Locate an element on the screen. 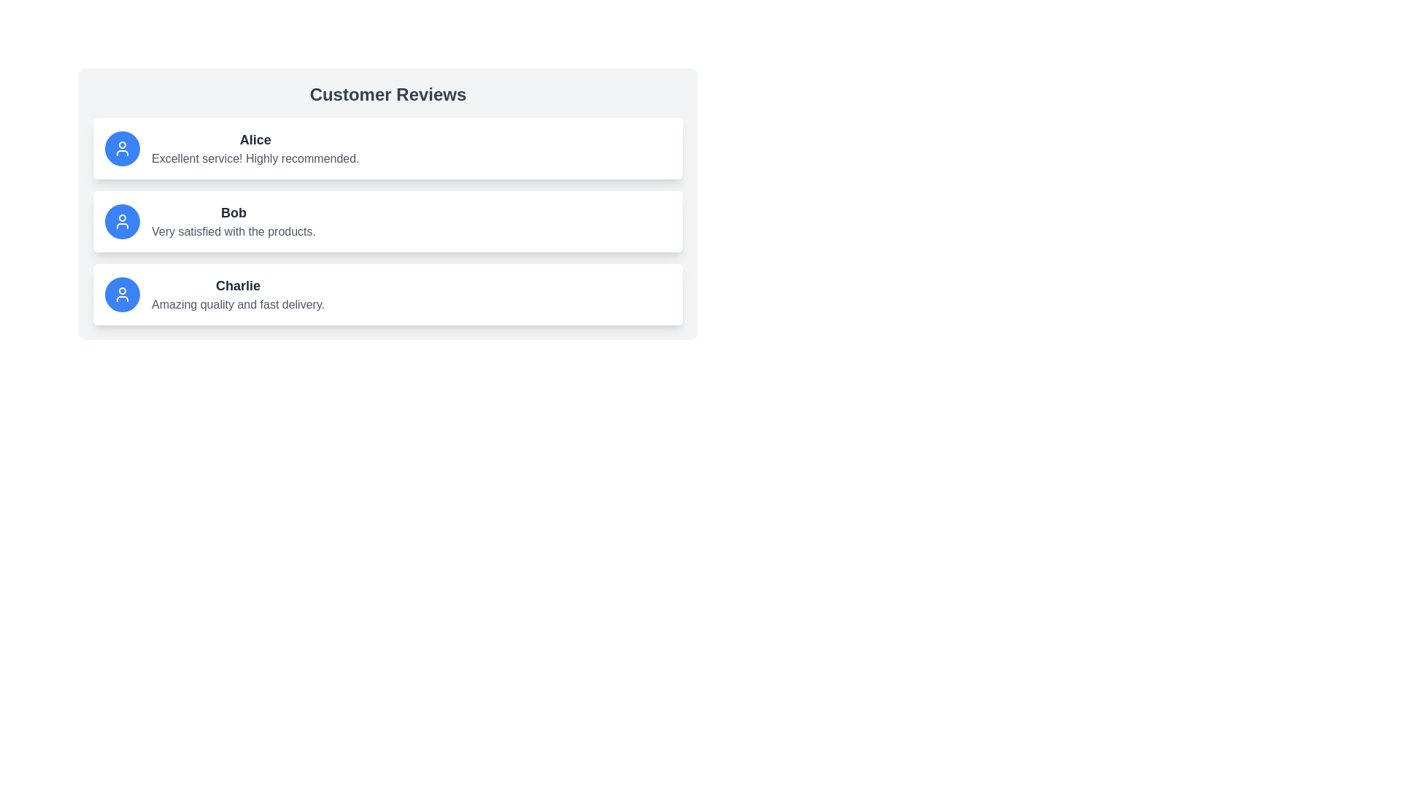  the circular avatar/icon representing the user 'Bob' in the second card of customer reviews, which is aligned to the left side of the card is located at coordinates (123, 222).